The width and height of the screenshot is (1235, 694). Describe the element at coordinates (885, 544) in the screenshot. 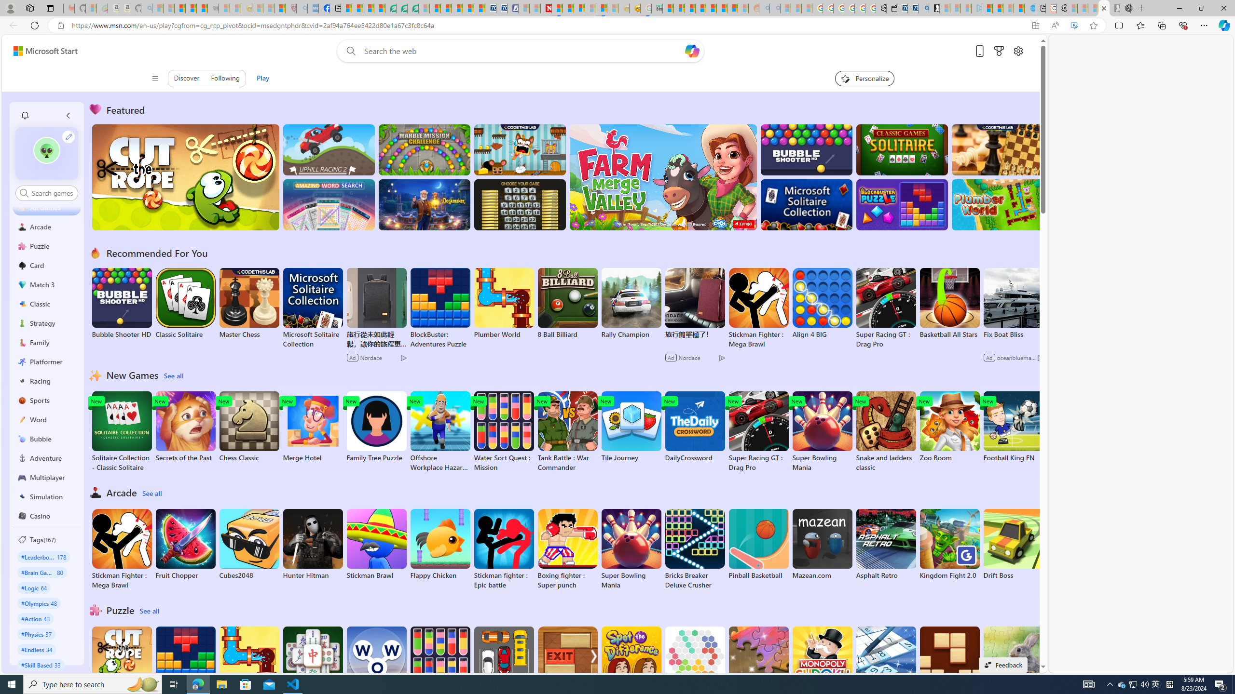

I see `'Asphalt Retro'` at that location.